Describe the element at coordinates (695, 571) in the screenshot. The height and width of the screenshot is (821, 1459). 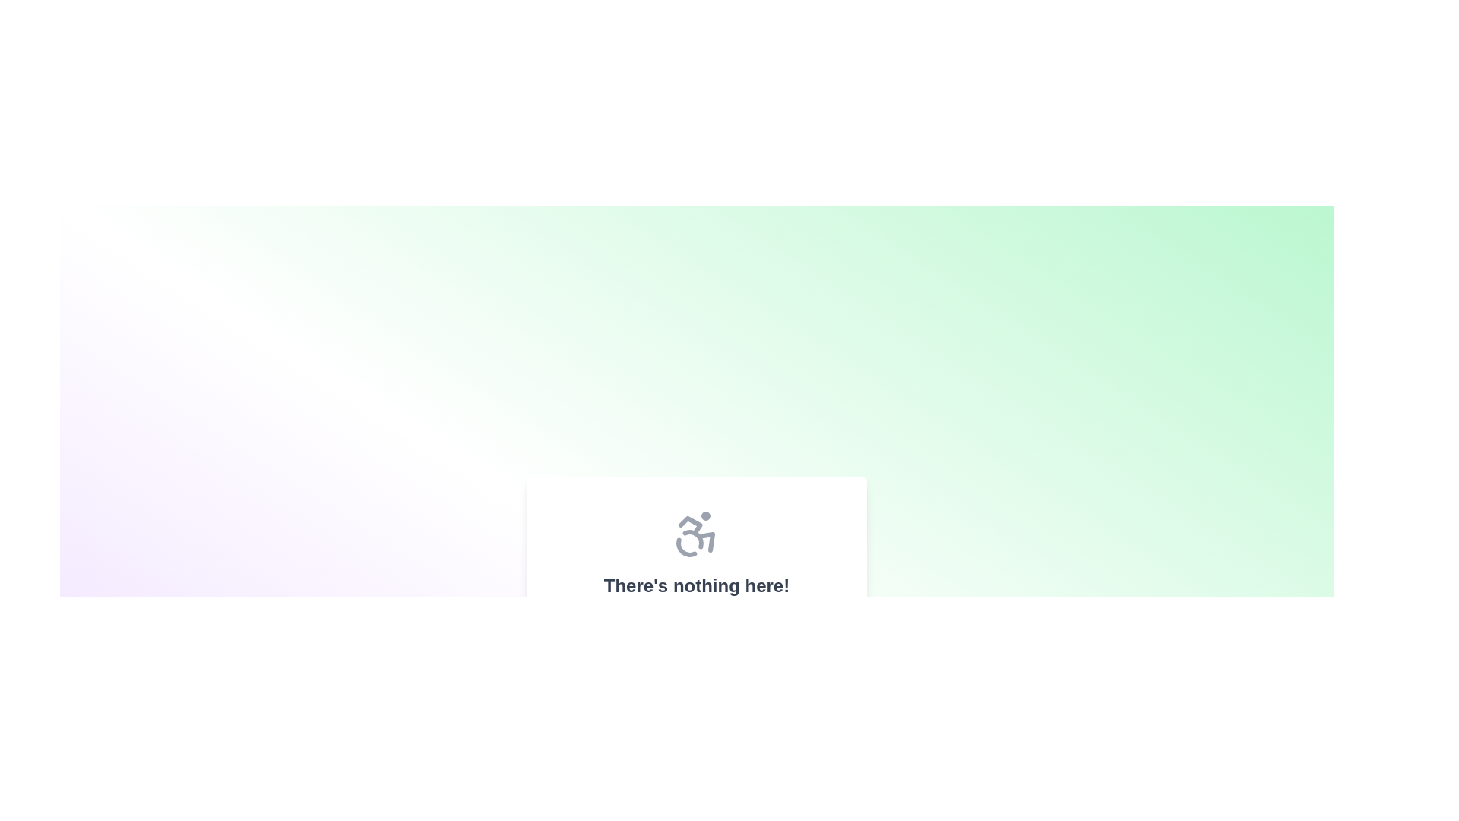
I see `the informational display that contains the bold text 'There's nothing here!' and an icon, which is centrally positioned in the top half of a white card with rounded corners` at that location.